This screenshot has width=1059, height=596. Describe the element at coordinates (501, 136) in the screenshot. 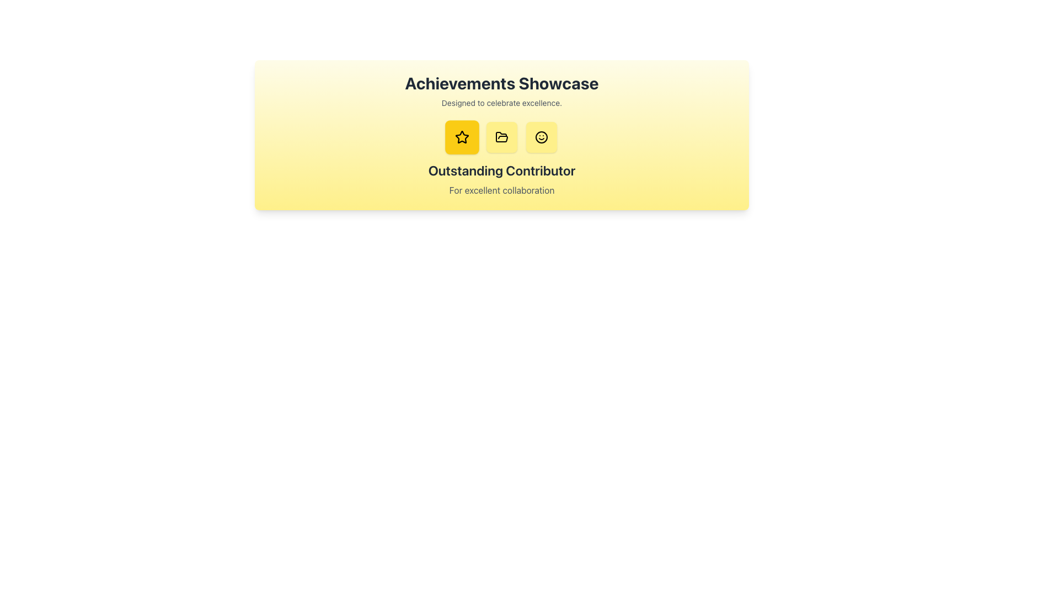

I see `the open folder icon located in the middle row of icons, which is the second icon in a group of three, flanked by a star icon on the left and a smiley face icon on the right` at that location.